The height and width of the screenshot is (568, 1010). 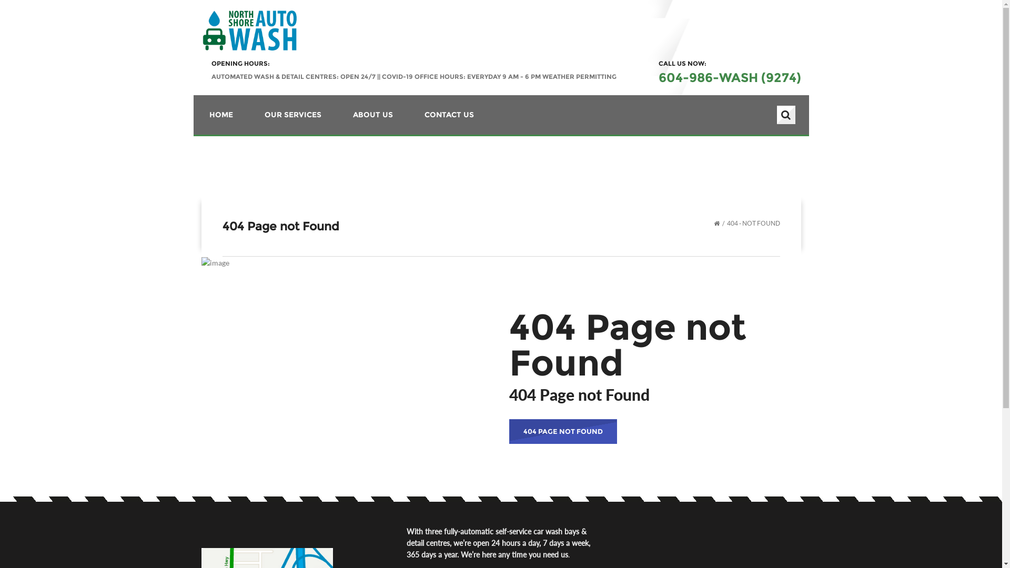 I want to click on '404 PAGE NOT FOUND', so click(x=509, y=431).